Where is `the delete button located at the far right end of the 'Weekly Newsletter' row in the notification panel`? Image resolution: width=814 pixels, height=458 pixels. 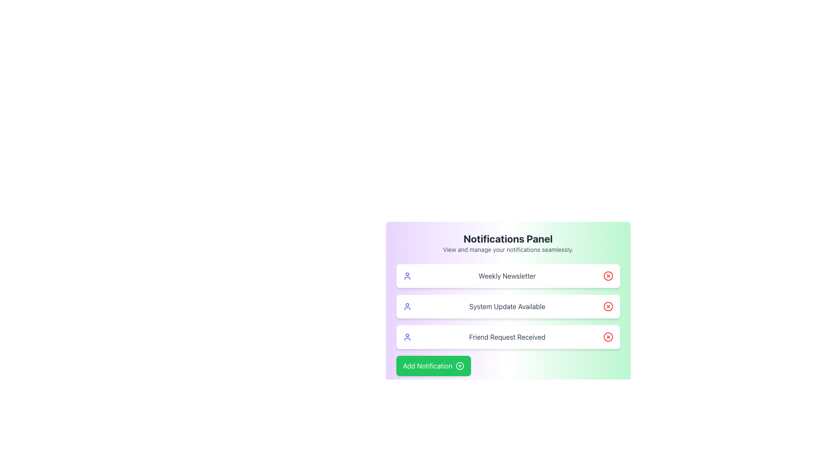
the delete button located at the far right end of the 'Weekly Newsletter' row in the notification panel is located at coordinates (608, 276).